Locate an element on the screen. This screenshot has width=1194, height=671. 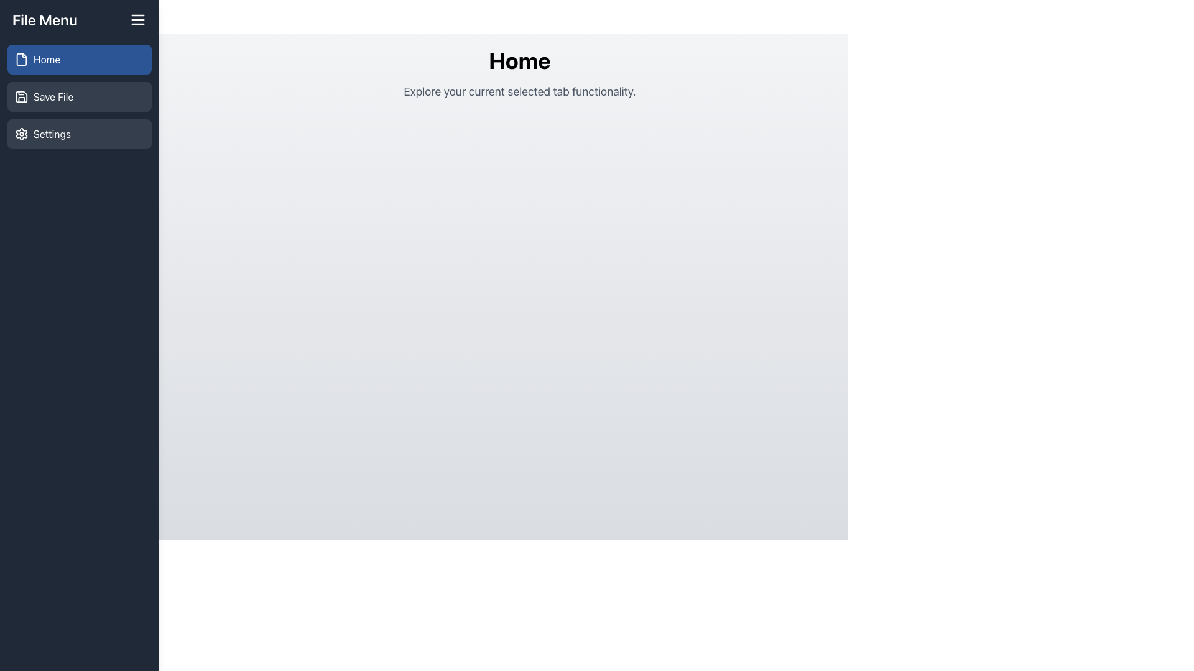
the descriptive message element located below the 'Home' heading, which indicates the current functionality of the active tab is located at coordinates (519, 91).